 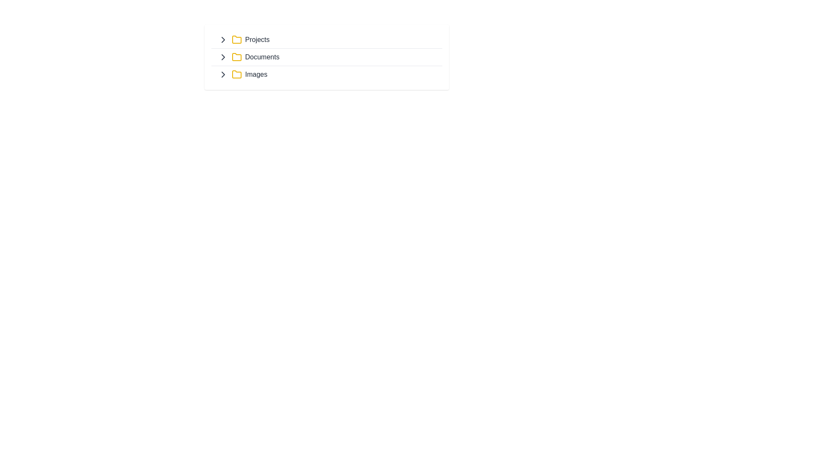 I want to click on the right-facing chevron icon located to the left of the yellow folder icon in the 'Documents' list item, so click(x=223, y=57).